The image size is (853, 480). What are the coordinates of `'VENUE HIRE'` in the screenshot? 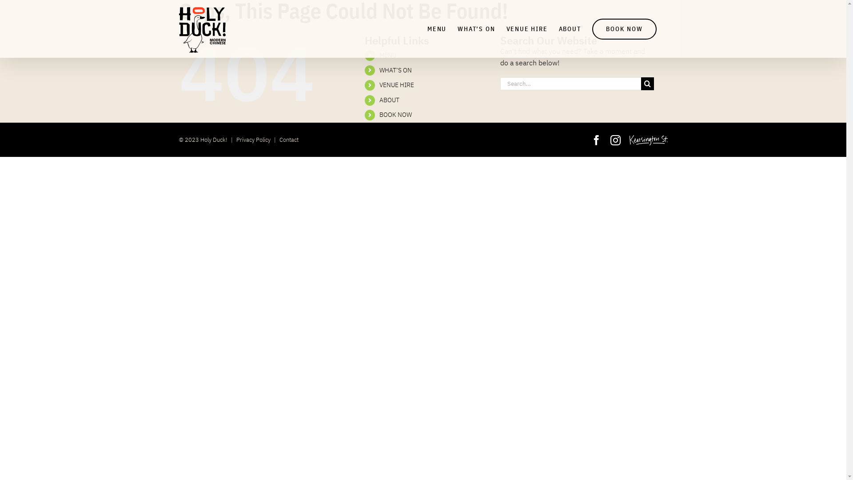 It's located at (396, 85).